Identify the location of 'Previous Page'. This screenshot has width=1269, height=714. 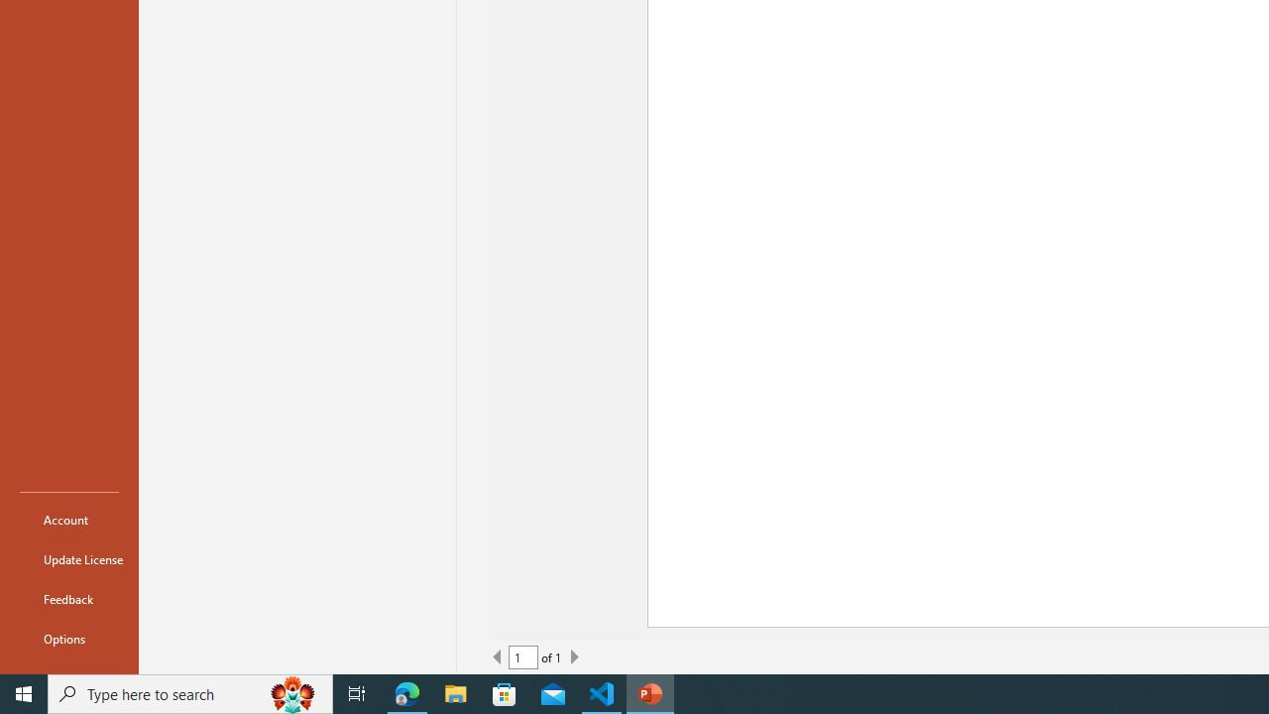
(498, 657).